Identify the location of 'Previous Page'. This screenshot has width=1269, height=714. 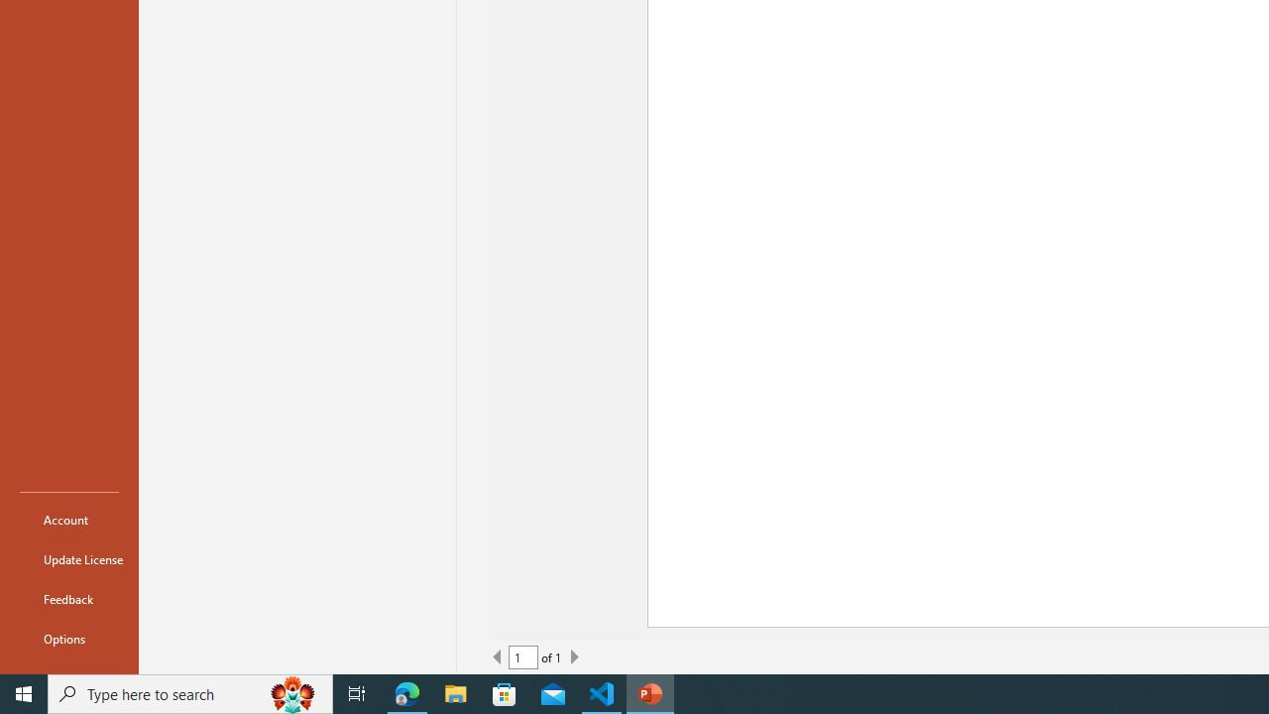
(498, 657).